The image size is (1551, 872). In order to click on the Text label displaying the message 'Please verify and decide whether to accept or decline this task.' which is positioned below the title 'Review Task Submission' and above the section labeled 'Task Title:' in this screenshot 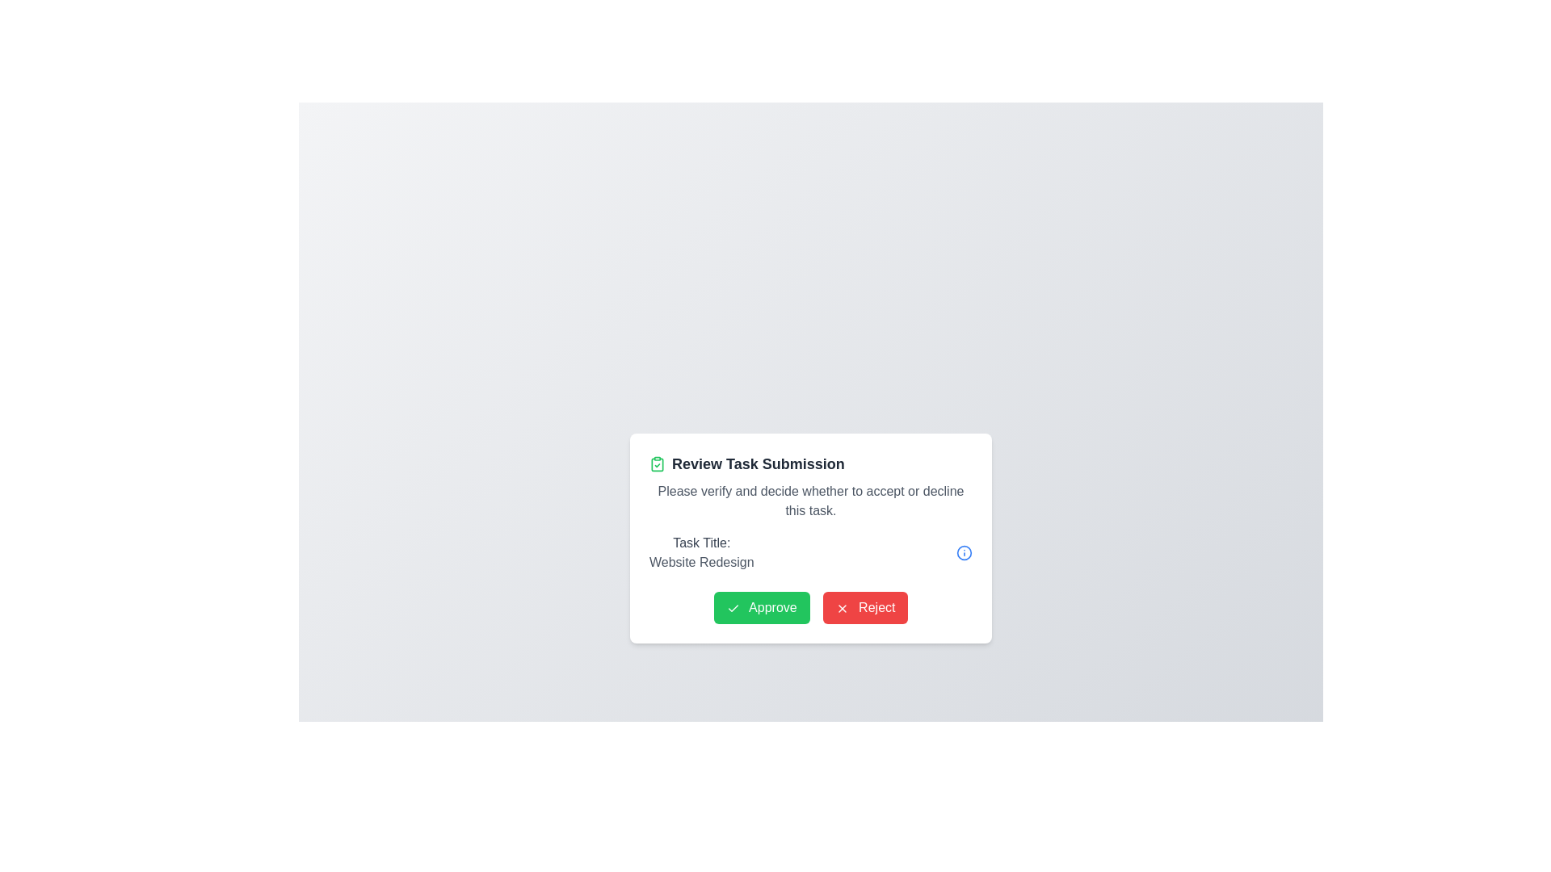, I will do `click(810, 501)`.